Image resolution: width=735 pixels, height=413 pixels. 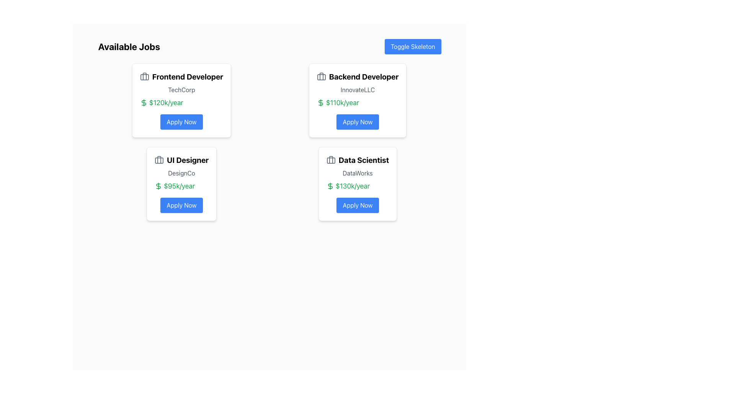 What do you see at coordinates (158, 160) in the screenshot?
I see `the gray briefcase icon with a minimalist line art style located in the header of the 'UI Designer' card, to the left of the text title 'UI Designer'` at bounding box center [158, 160].